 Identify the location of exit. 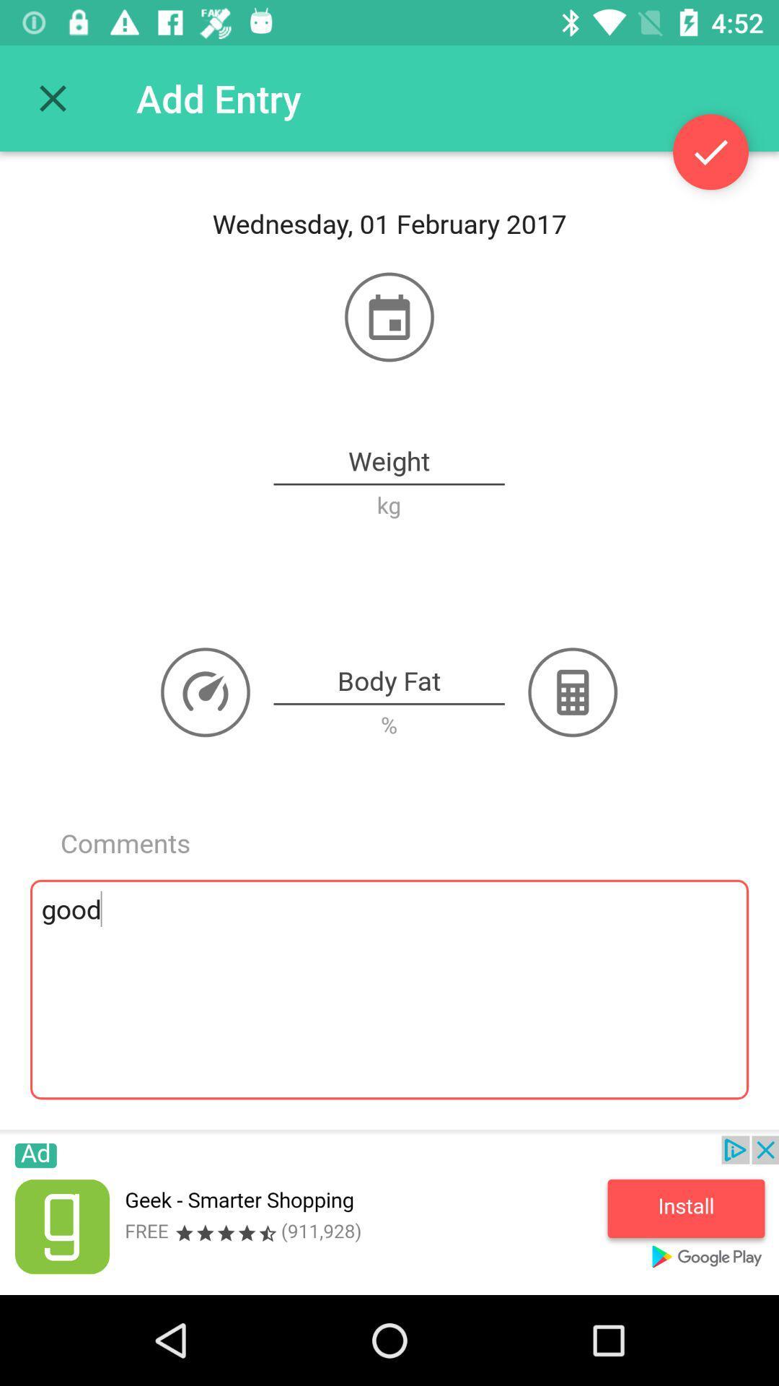
(52, 97).